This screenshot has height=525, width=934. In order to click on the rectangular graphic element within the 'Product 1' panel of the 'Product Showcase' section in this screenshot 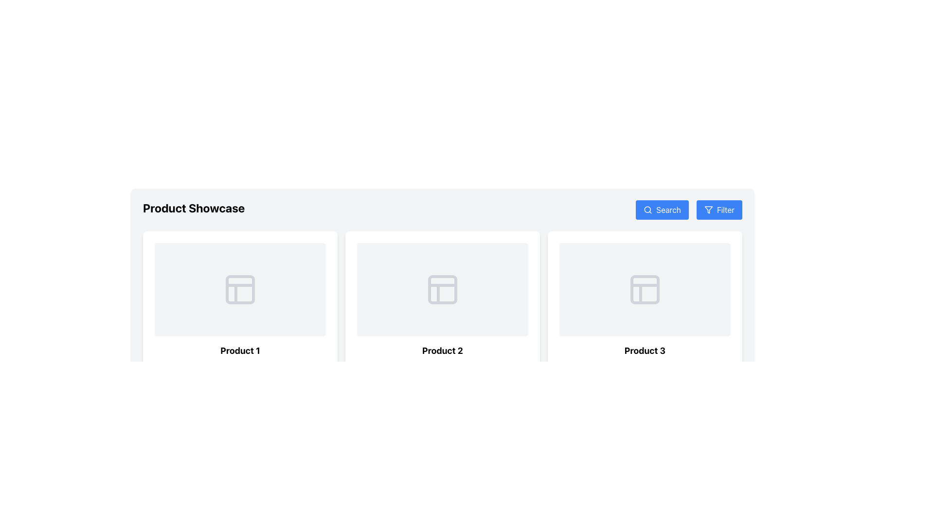, I will do `click(240, 289)`.